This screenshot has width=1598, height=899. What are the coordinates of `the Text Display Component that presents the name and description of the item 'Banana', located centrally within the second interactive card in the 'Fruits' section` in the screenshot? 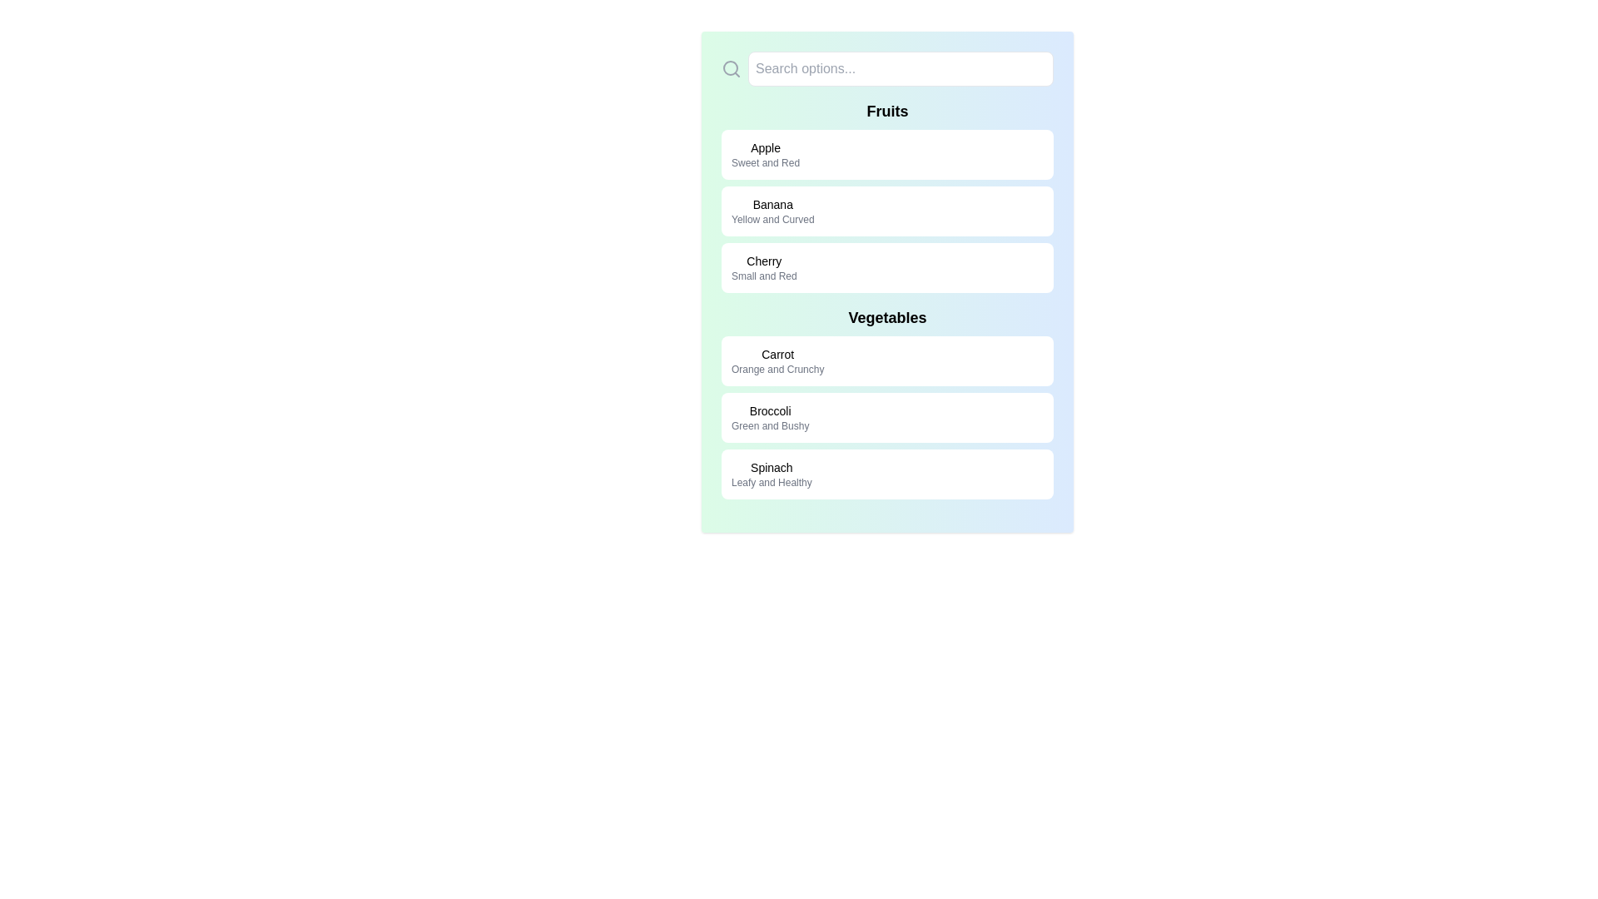 It's located at (772, 211).